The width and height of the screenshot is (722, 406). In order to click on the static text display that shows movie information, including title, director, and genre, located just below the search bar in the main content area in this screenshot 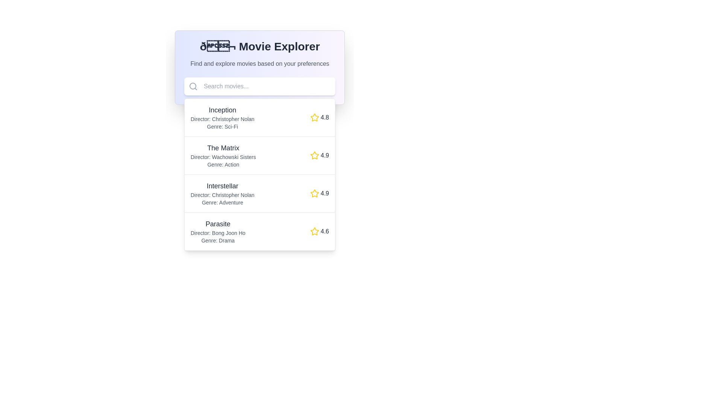, I will do `click(222, 117)`.